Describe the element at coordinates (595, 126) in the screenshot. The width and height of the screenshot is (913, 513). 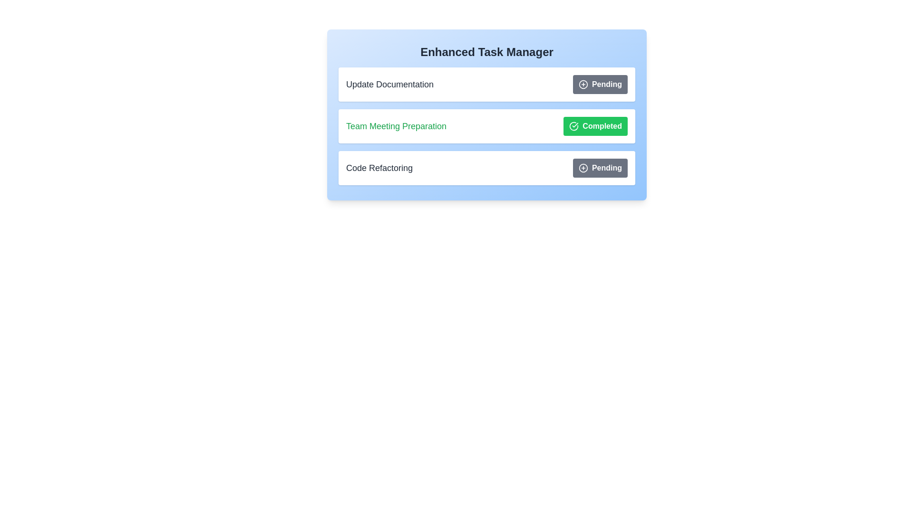
I see `status button for task Team Meeting Preparation to toggle its status` at that location.